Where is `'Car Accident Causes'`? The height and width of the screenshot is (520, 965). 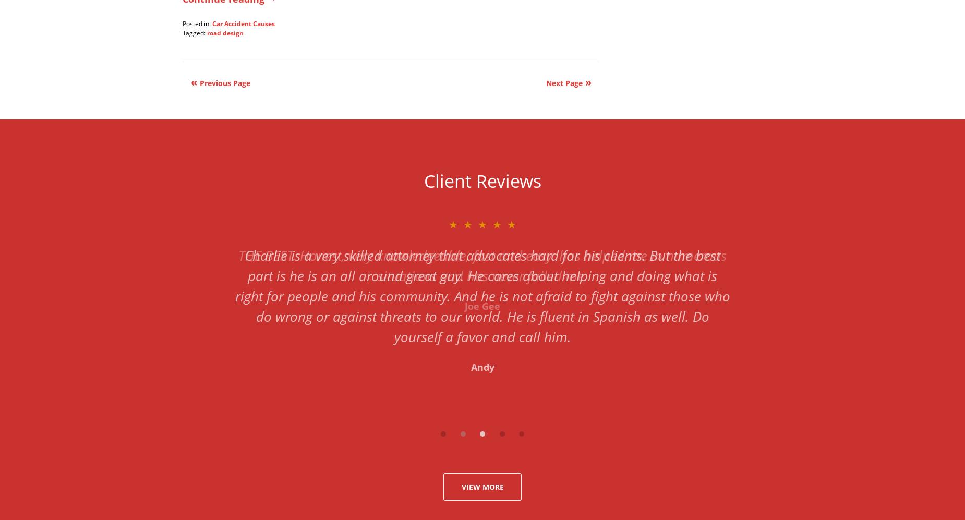
'Car Accident Causes' is located at coordinates (243, 23).